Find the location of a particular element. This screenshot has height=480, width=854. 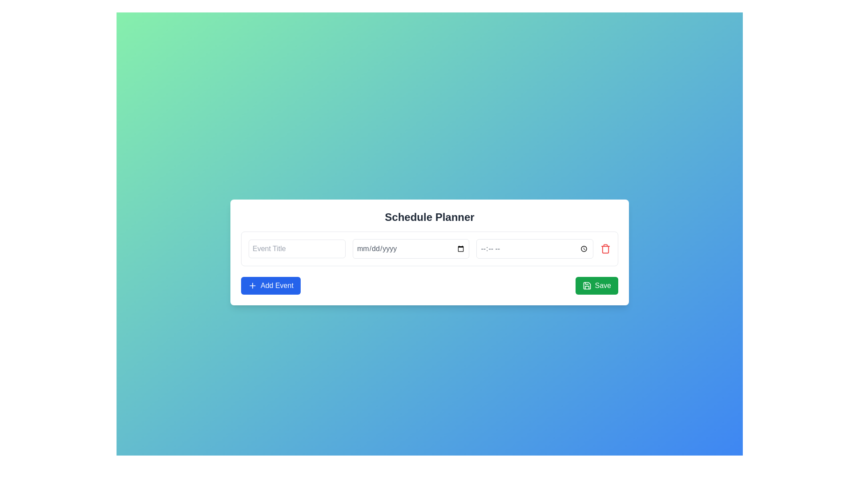

the delete icon located on the far right of the bordered rectangular section, which has a white background and aligns with the input fields for 'Event Title', 'Date', and 'Time' is located at coordinates (605, 248).